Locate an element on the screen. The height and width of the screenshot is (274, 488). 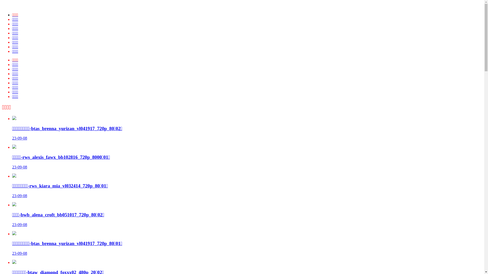
'23-09-08' is located at coordinates (20, 167).